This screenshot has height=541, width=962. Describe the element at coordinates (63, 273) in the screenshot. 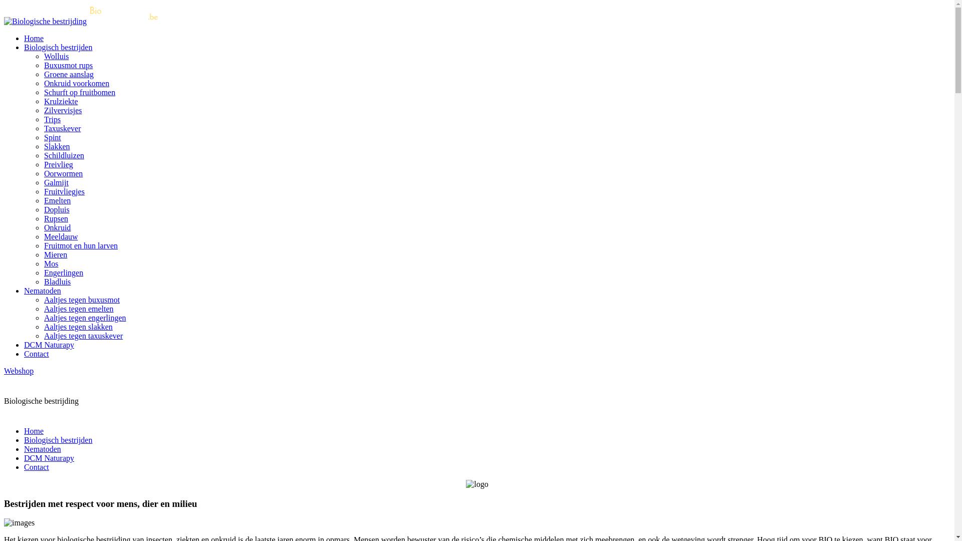

I see `'Engerlingen'` at that location.